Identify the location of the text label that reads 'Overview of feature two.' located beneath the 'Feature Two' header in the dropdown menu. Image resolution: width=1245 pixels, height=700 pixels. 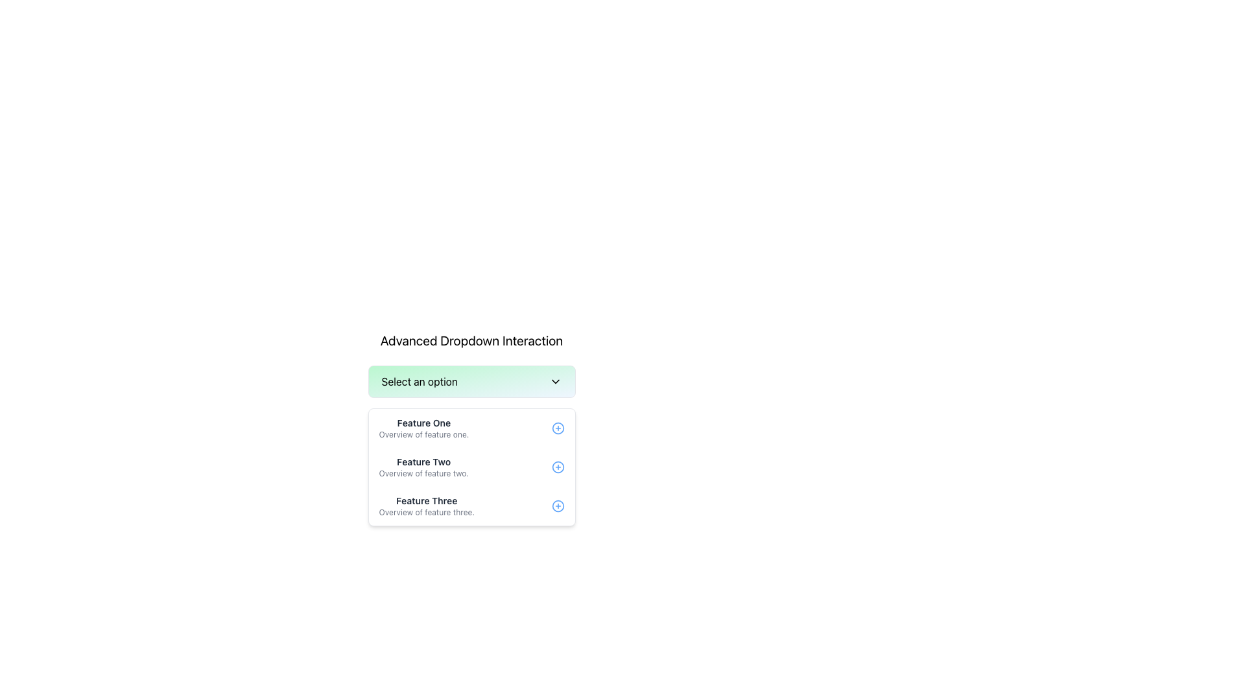
(423, 474).